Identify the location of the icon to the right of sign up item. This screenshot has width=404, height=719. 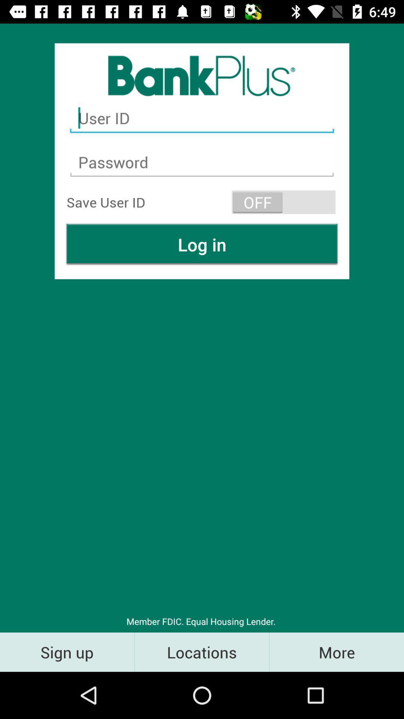
(201, 652).